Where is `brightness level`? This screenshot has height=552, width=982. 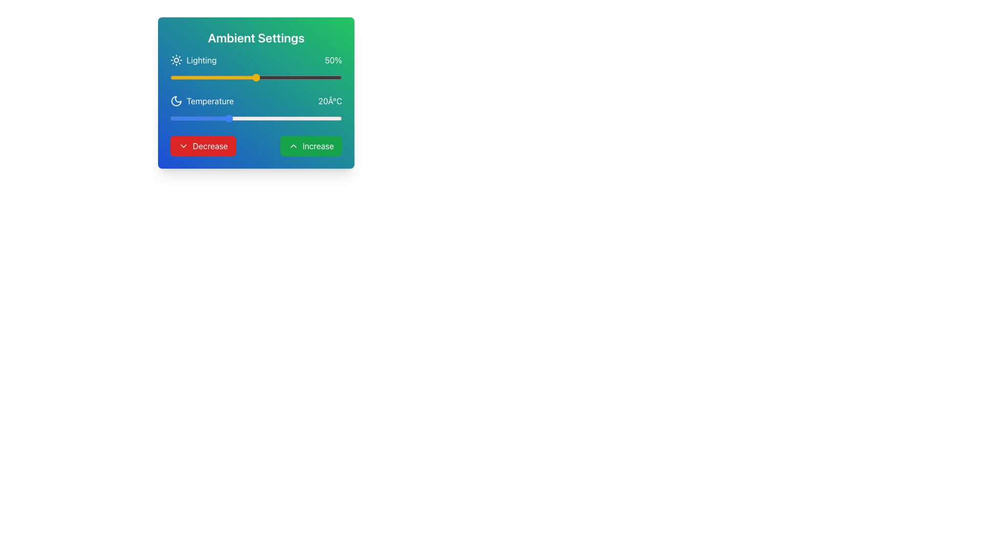
brightness level is located at coordinates (268, 77).